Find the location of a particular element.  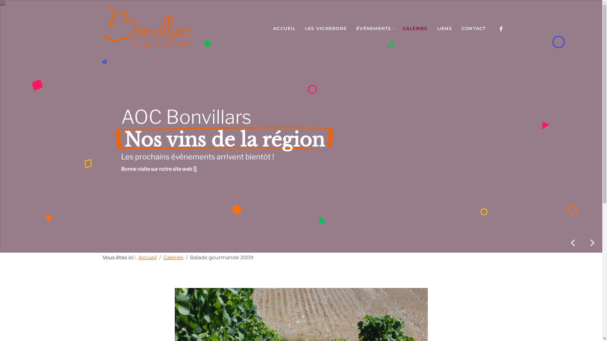

'CONTACT' is located at coordinates (474, 28).